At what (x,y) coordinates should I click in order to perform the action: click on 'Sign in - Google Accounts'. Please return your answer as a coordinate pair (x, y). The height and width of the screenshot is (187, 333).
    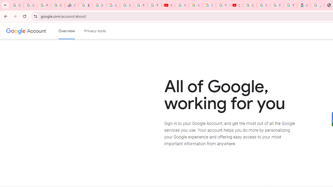
    Looking at the image, I should click on (250, 5).